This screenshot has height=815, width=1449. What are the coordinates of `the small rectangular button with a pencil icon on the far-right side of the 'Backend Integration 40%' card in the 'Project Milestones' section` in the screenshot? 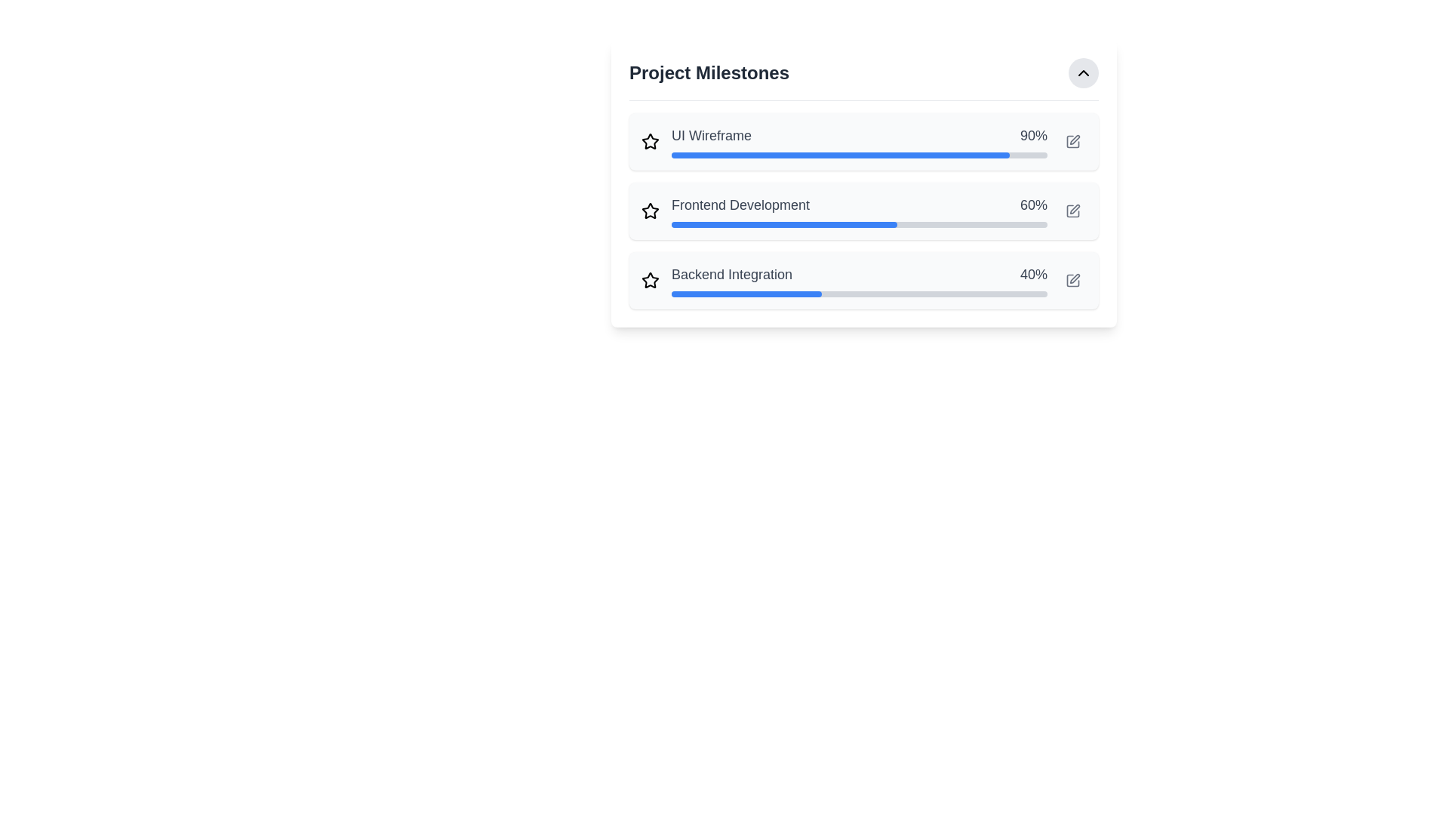 It's located at (1072, 280).